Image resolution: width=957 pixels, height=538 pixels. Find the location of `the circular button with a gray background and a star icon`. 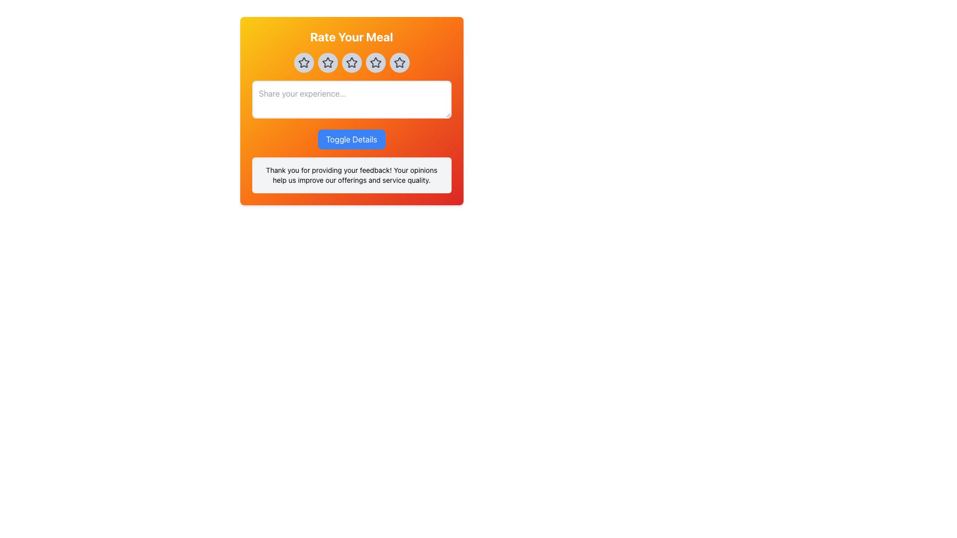

the circular button with a gray background and a star icon is located at coordinates (327, 63).